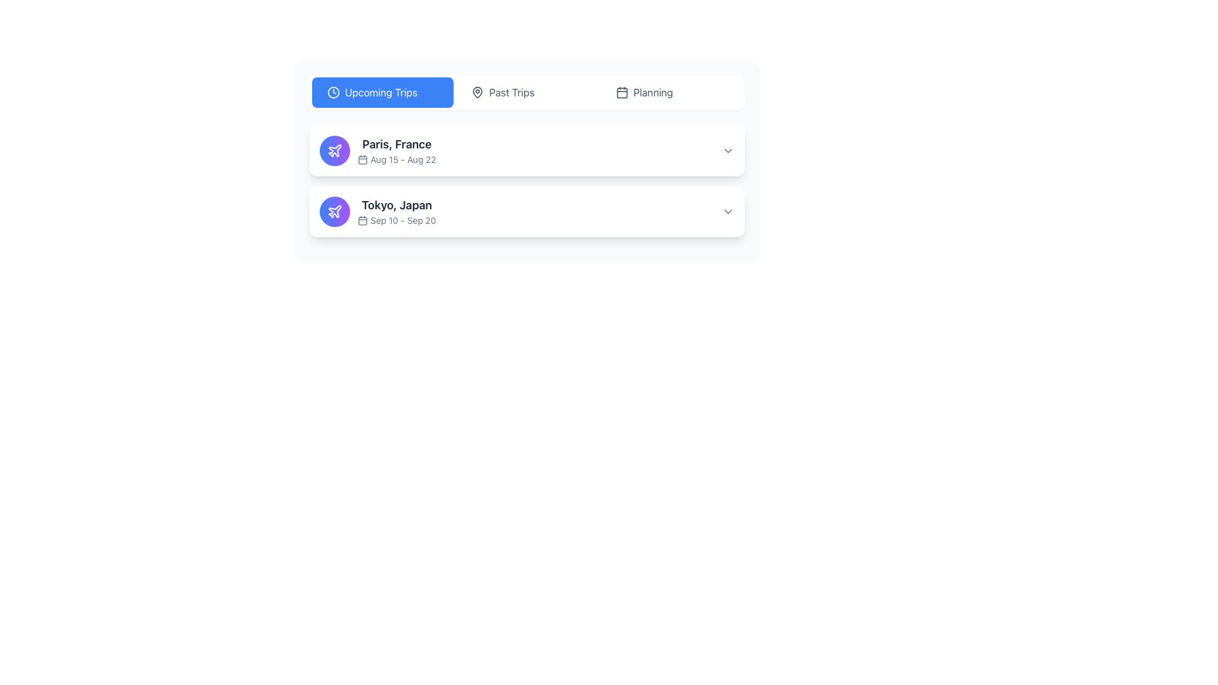 The image size is (1218, 685). I want to click on the 'Planning' icon located to the left of the text 'Planning' in the navigation bar, which visually represents the planning section, so click(622, 92).